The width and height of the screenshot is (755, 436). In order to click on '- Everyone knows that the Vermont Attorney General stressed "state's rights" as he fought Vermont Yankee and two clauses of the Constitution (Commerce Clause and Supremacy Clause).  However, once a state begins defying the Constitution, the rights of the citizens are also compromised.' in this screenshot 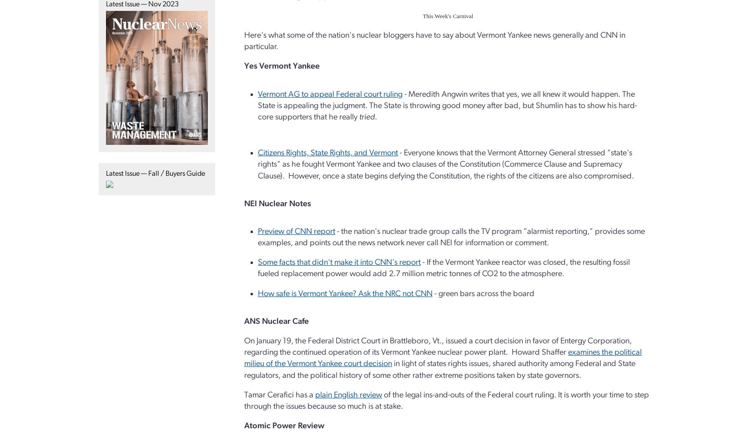, I will do `click(446, 164)`.